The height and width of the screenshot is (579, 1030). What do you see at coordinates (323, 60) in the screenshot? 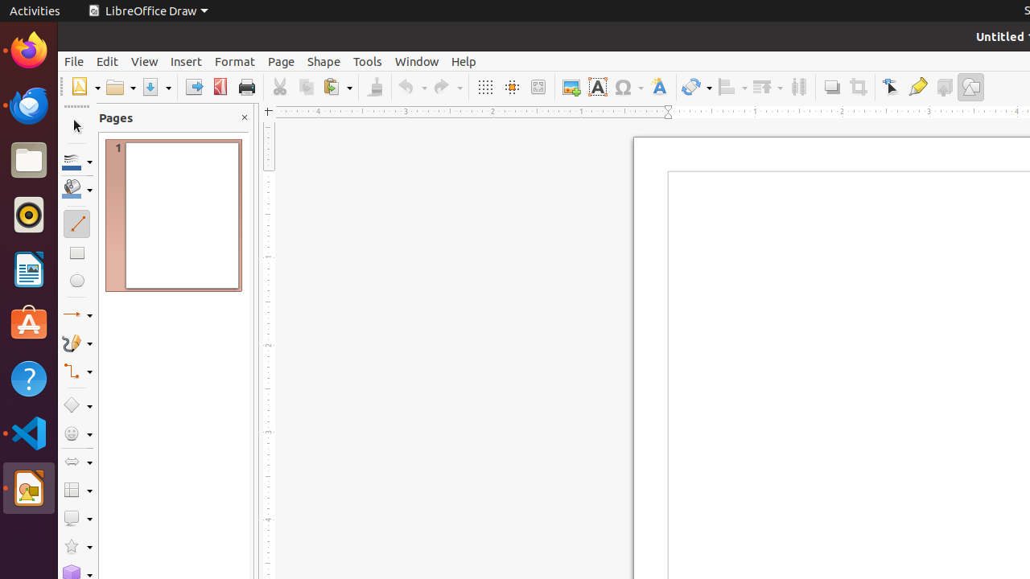
I see `'Shape'` at bounding box center [323, 60].